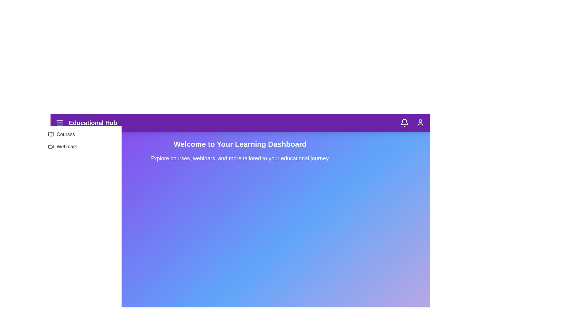 The height and width of the screenshot is (331, 588). Describe the element at coordinates (404, 123) in the screenshot. I see `the notification icon to view notifications` at that location.